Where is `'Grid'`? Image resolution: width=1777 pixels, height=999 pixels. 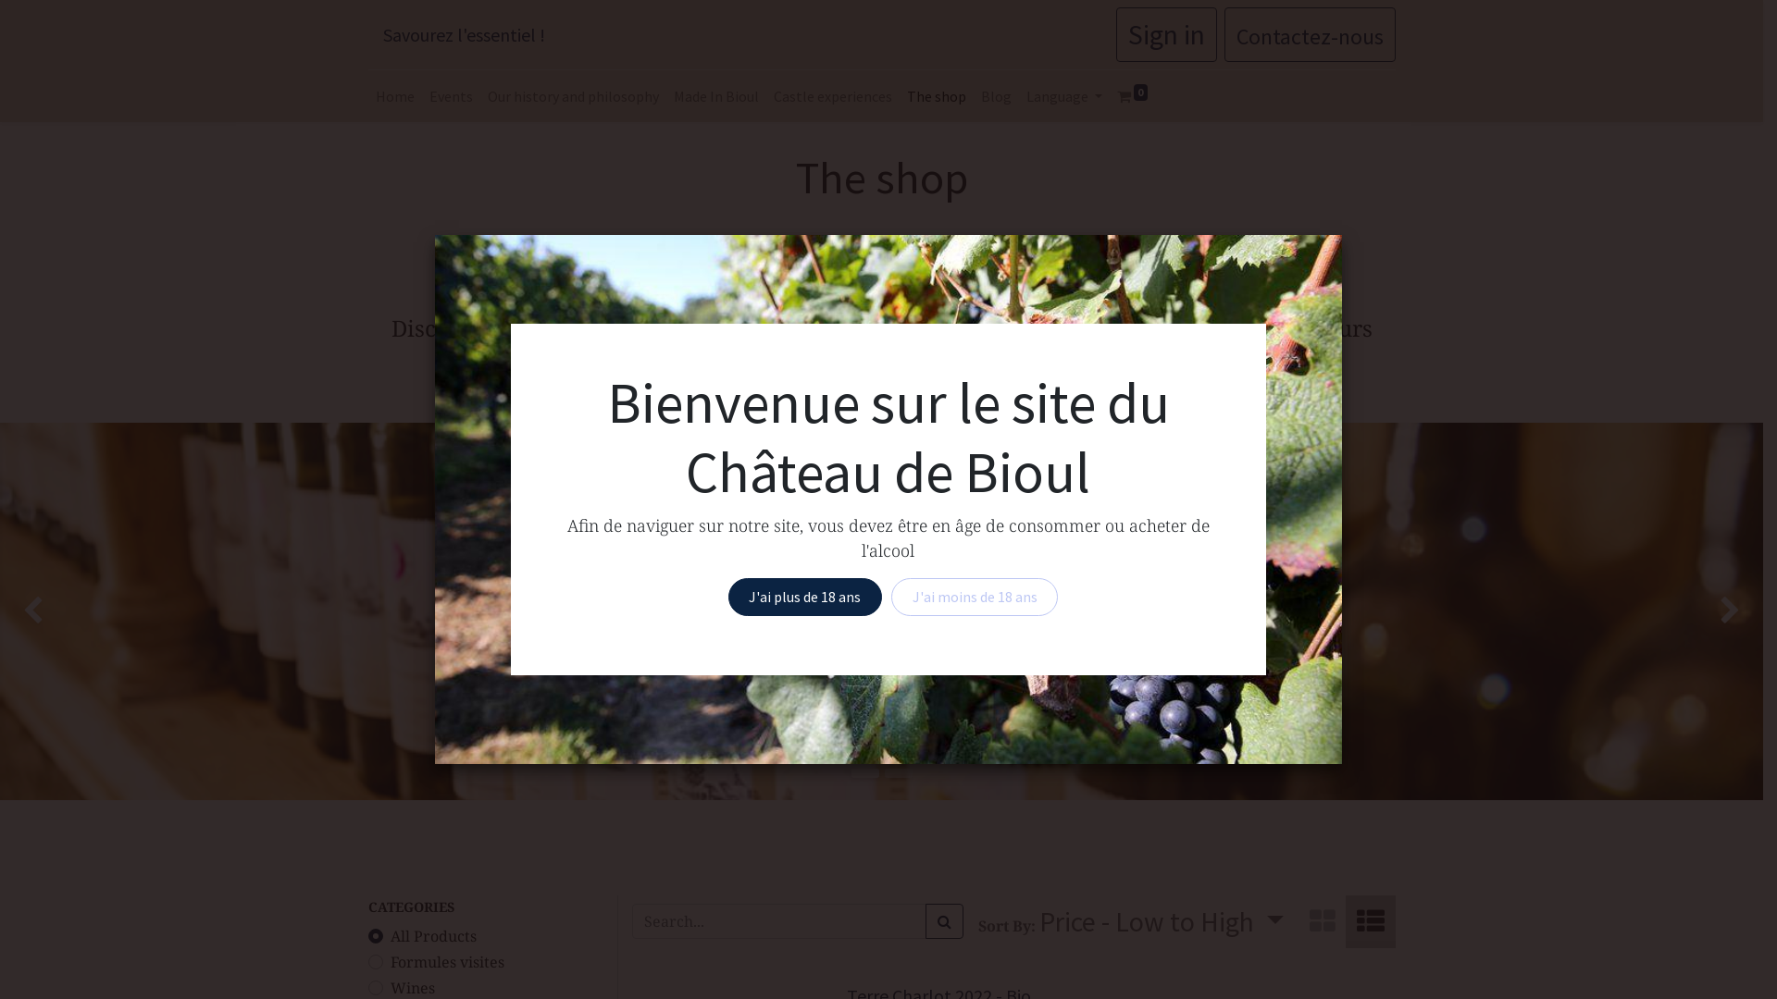 'Grid' is located at coordinates (1321, 921).